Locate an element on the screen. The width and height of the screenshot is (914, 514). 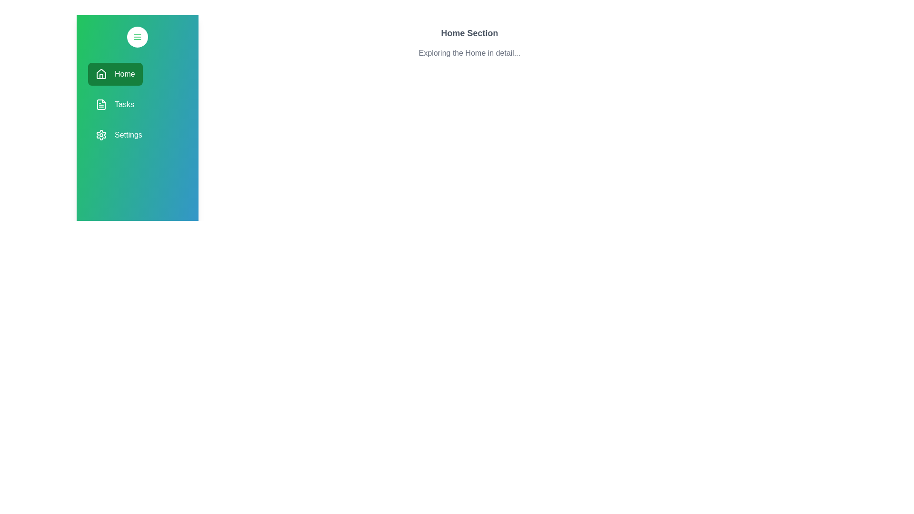
the Decorative icon representing the document shape in the Tasks navigation menu is located at coordinates (101, 104).